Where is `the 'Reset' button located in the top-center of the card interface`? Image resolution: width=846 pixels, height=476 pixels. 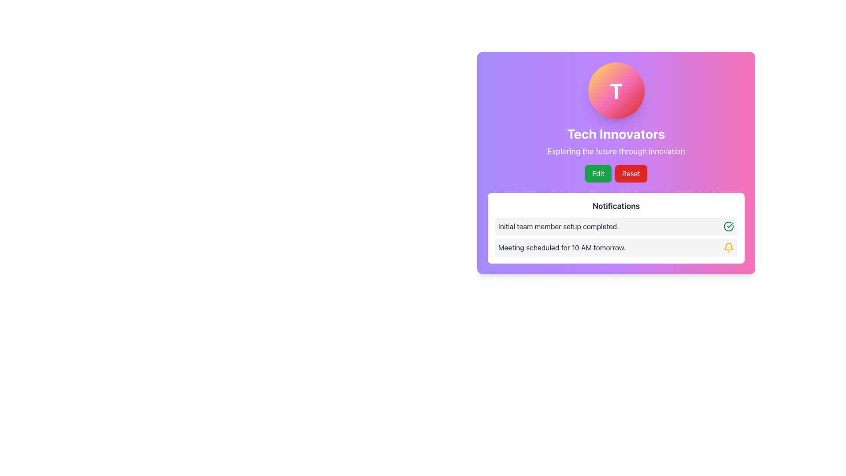 the 'Reset' button located in the top-center of the card interface is located at coordinates (631, 173).